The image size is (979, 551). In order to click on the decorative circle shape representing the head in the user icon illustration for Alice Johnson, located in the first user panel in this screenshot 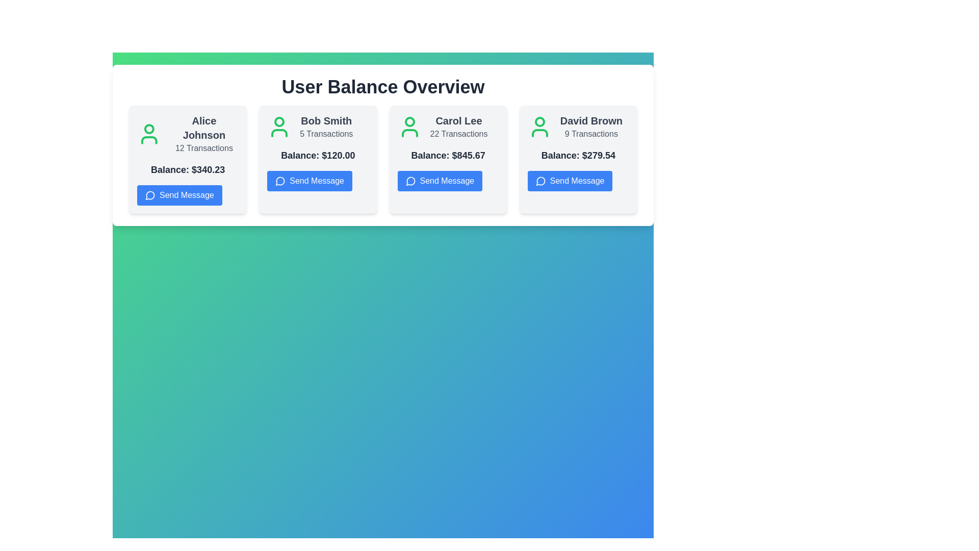, I will do `click(148, 129)`.